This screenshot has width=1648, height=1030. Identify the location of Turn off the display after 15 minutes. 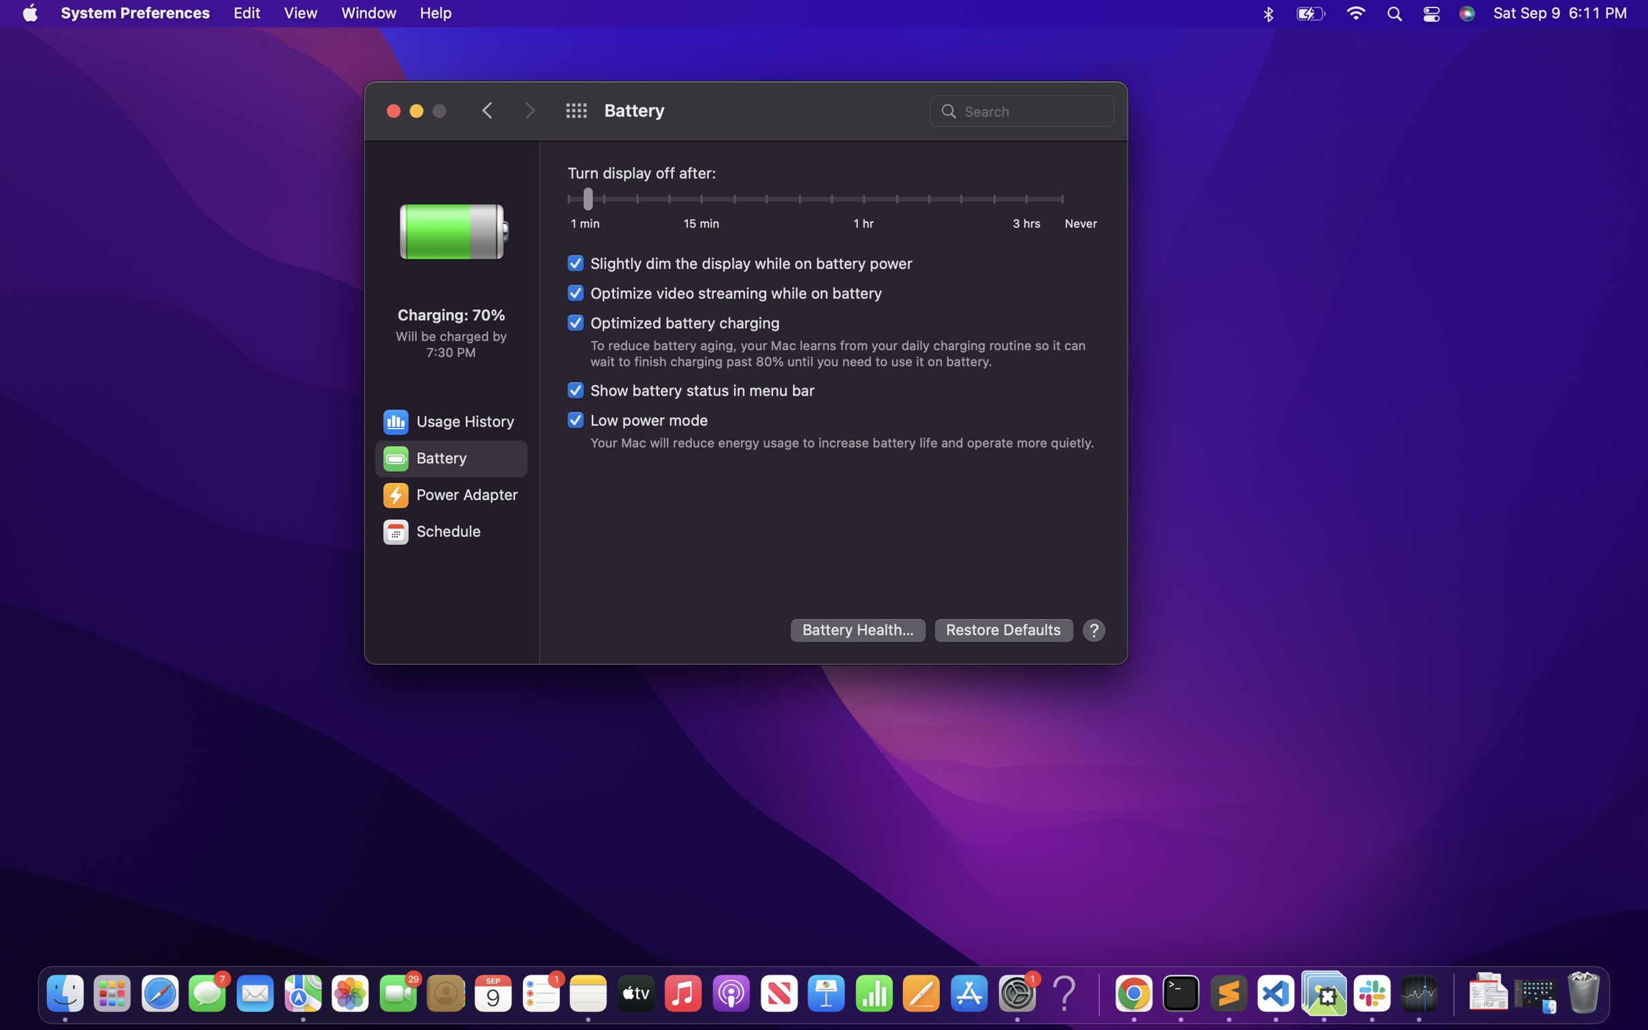
(701, 201).